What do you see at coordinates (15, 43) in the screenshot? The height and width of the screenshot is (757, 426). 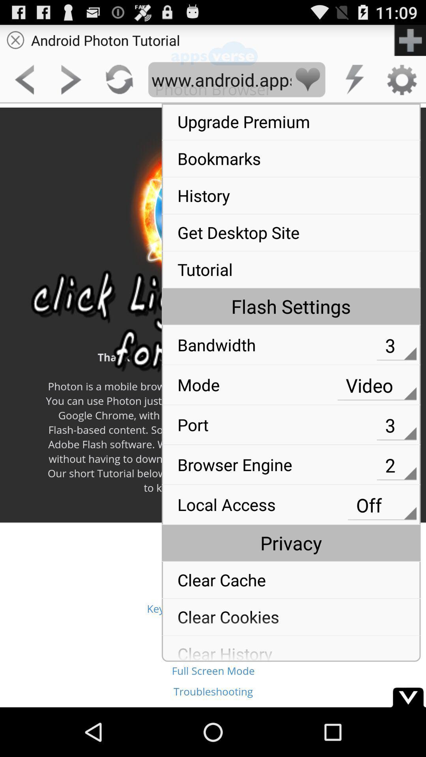 I see `the close icon` at bounding box center [15, 43].